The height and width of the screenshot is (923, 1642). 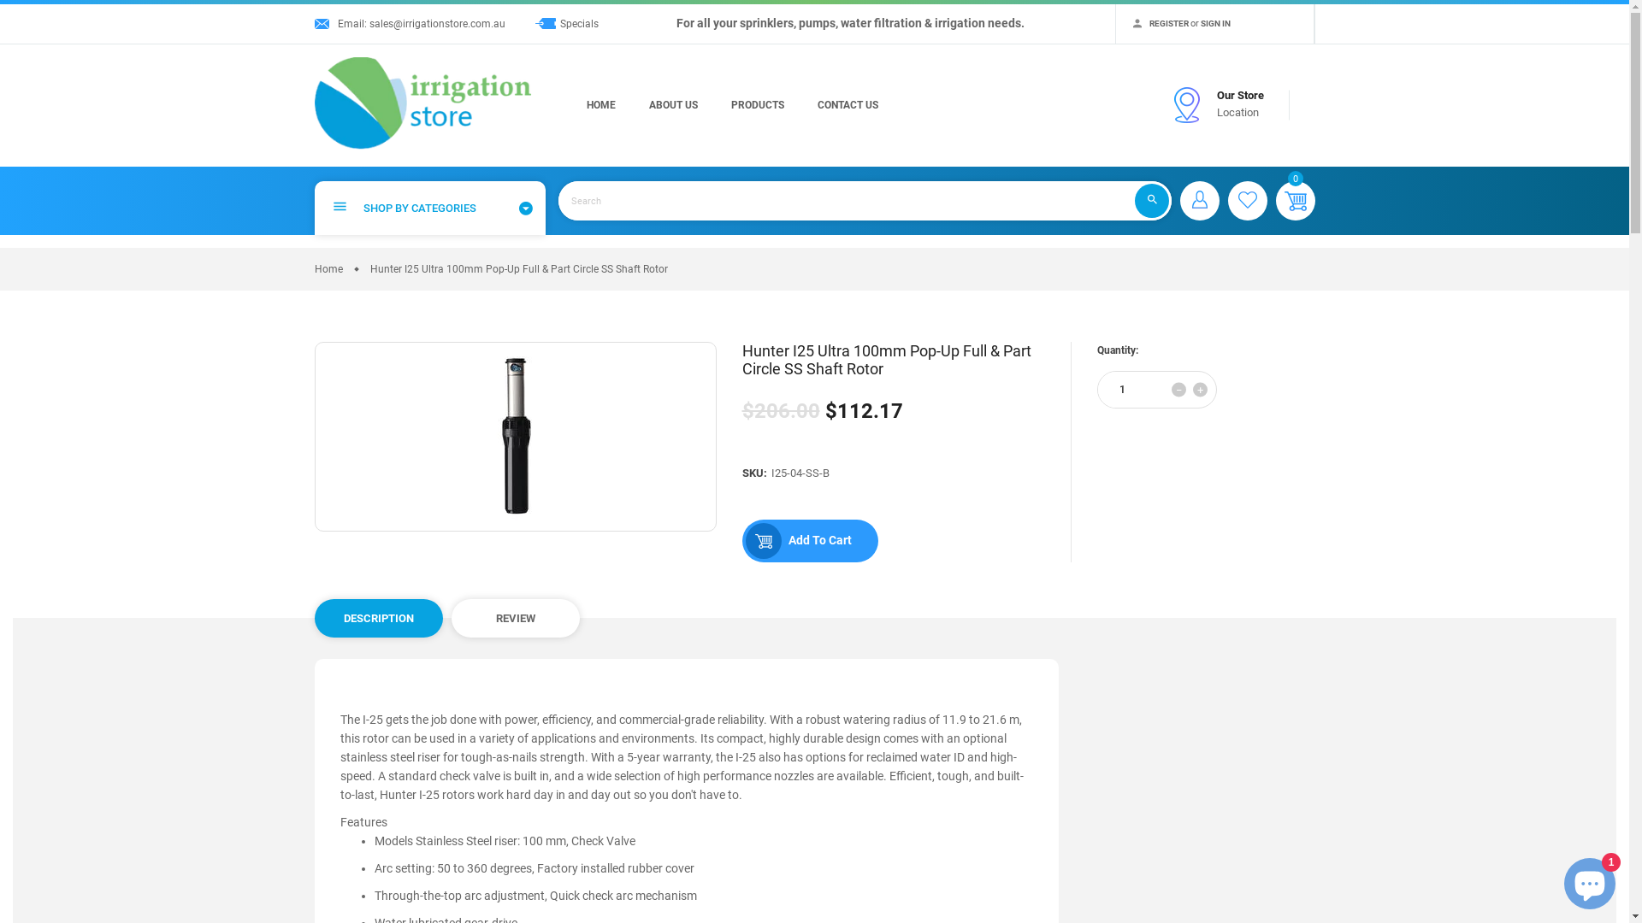 I want to click on 'REVIEW', so click(x=452, y=618).